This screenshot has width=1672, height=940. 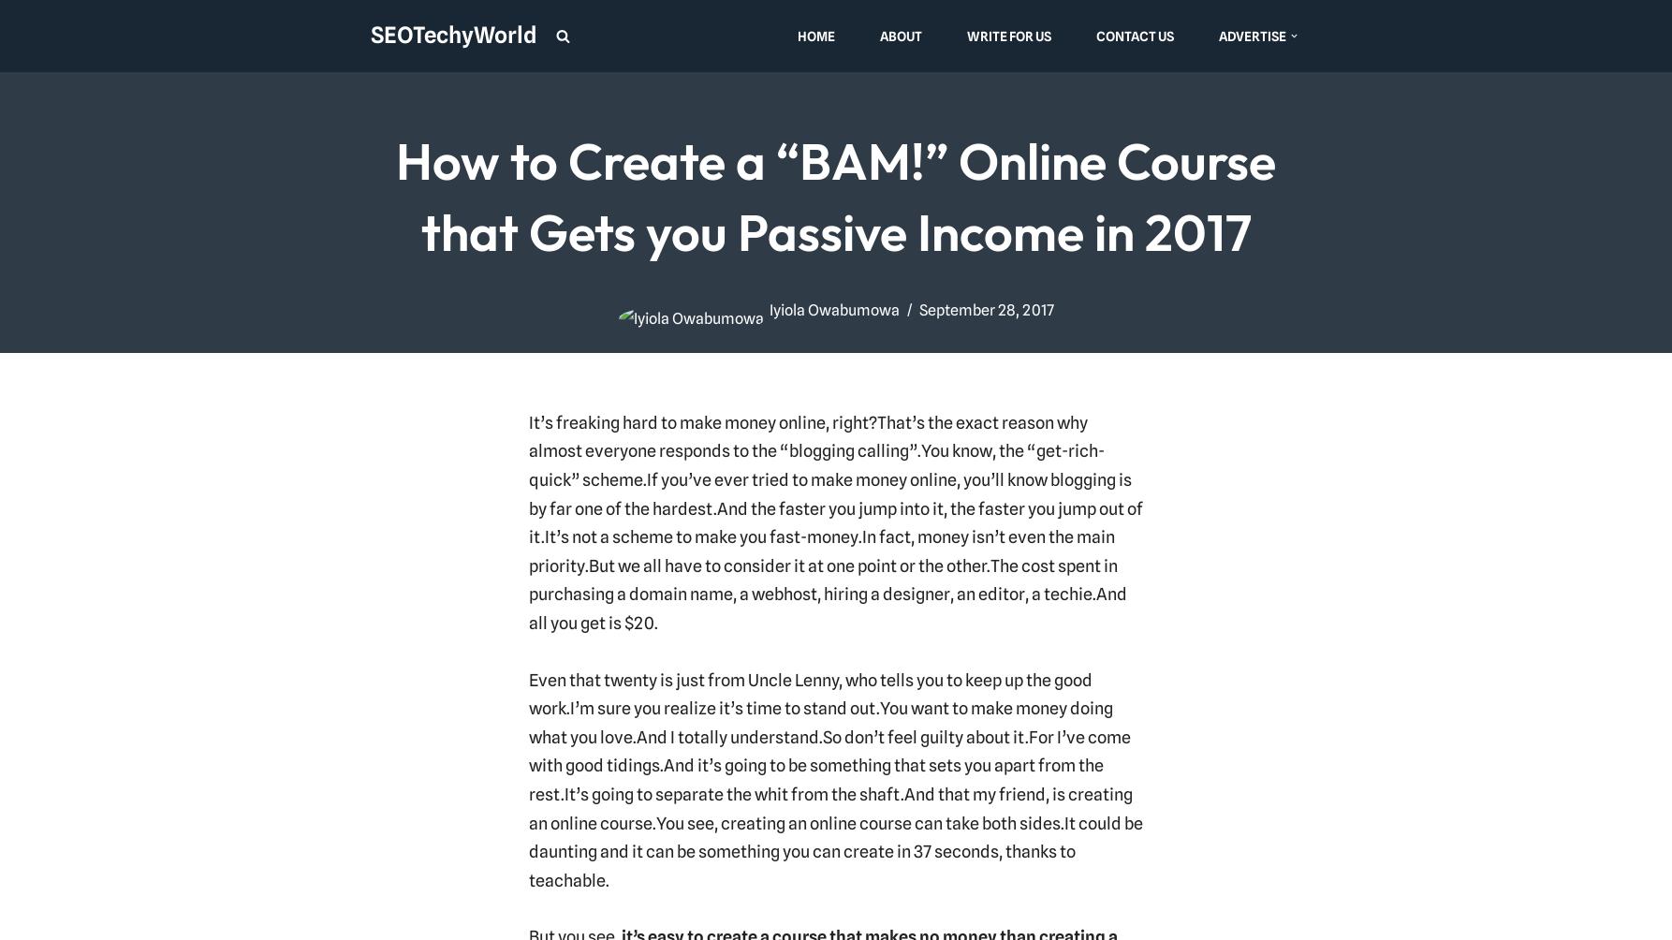 I want to click on 'Even that twenty is just from Uncle Lenny, who tells you to keep up the good work.', so click(x=808, y=692).